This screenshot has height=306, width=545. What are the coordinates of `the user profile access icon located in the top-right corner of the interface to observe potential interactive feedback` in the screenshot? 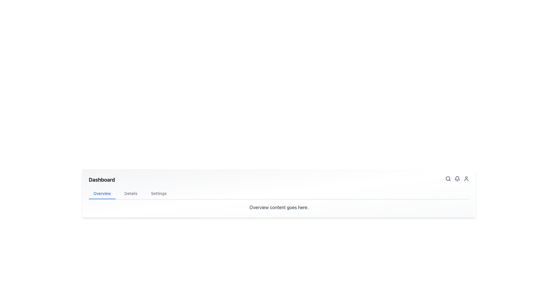 It's located at (466, 179).